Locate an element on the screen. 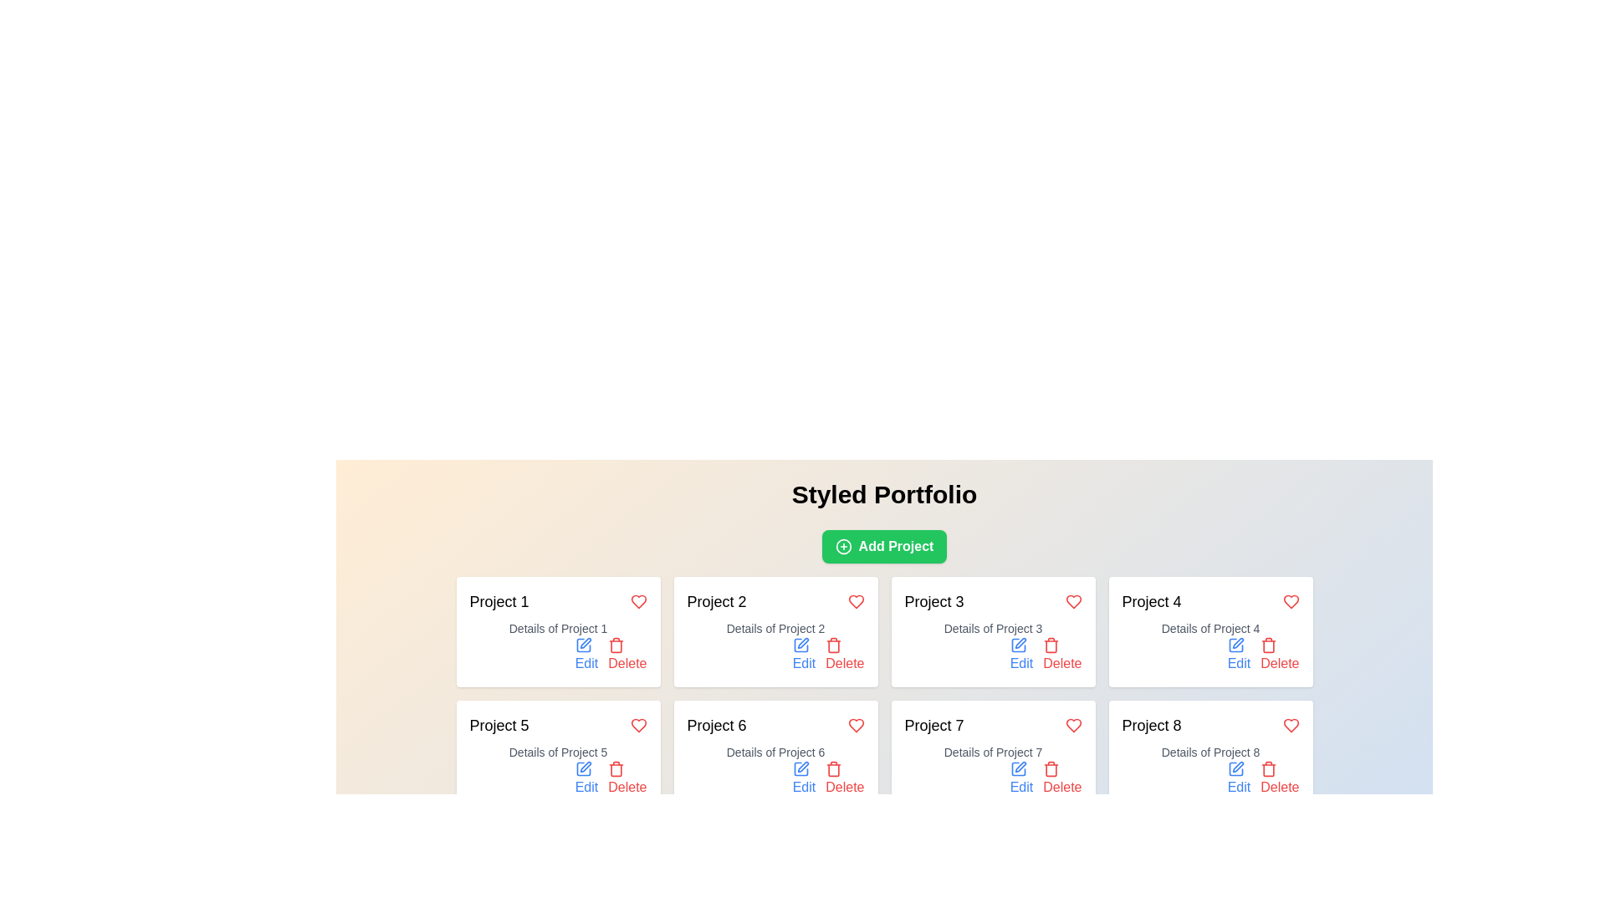  the heart icon in the top-right corner of the Project 8 card is located at coordinates (1290, 724).